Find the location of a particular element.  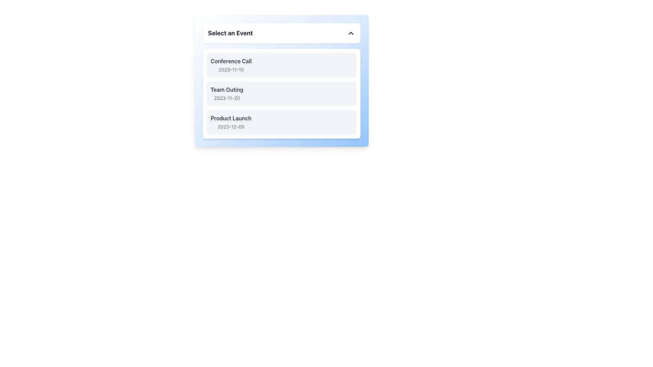

the chevron SVG icon used as a dropdown indicator for the 'Select an Event' button is located at coordinates (351, 33).